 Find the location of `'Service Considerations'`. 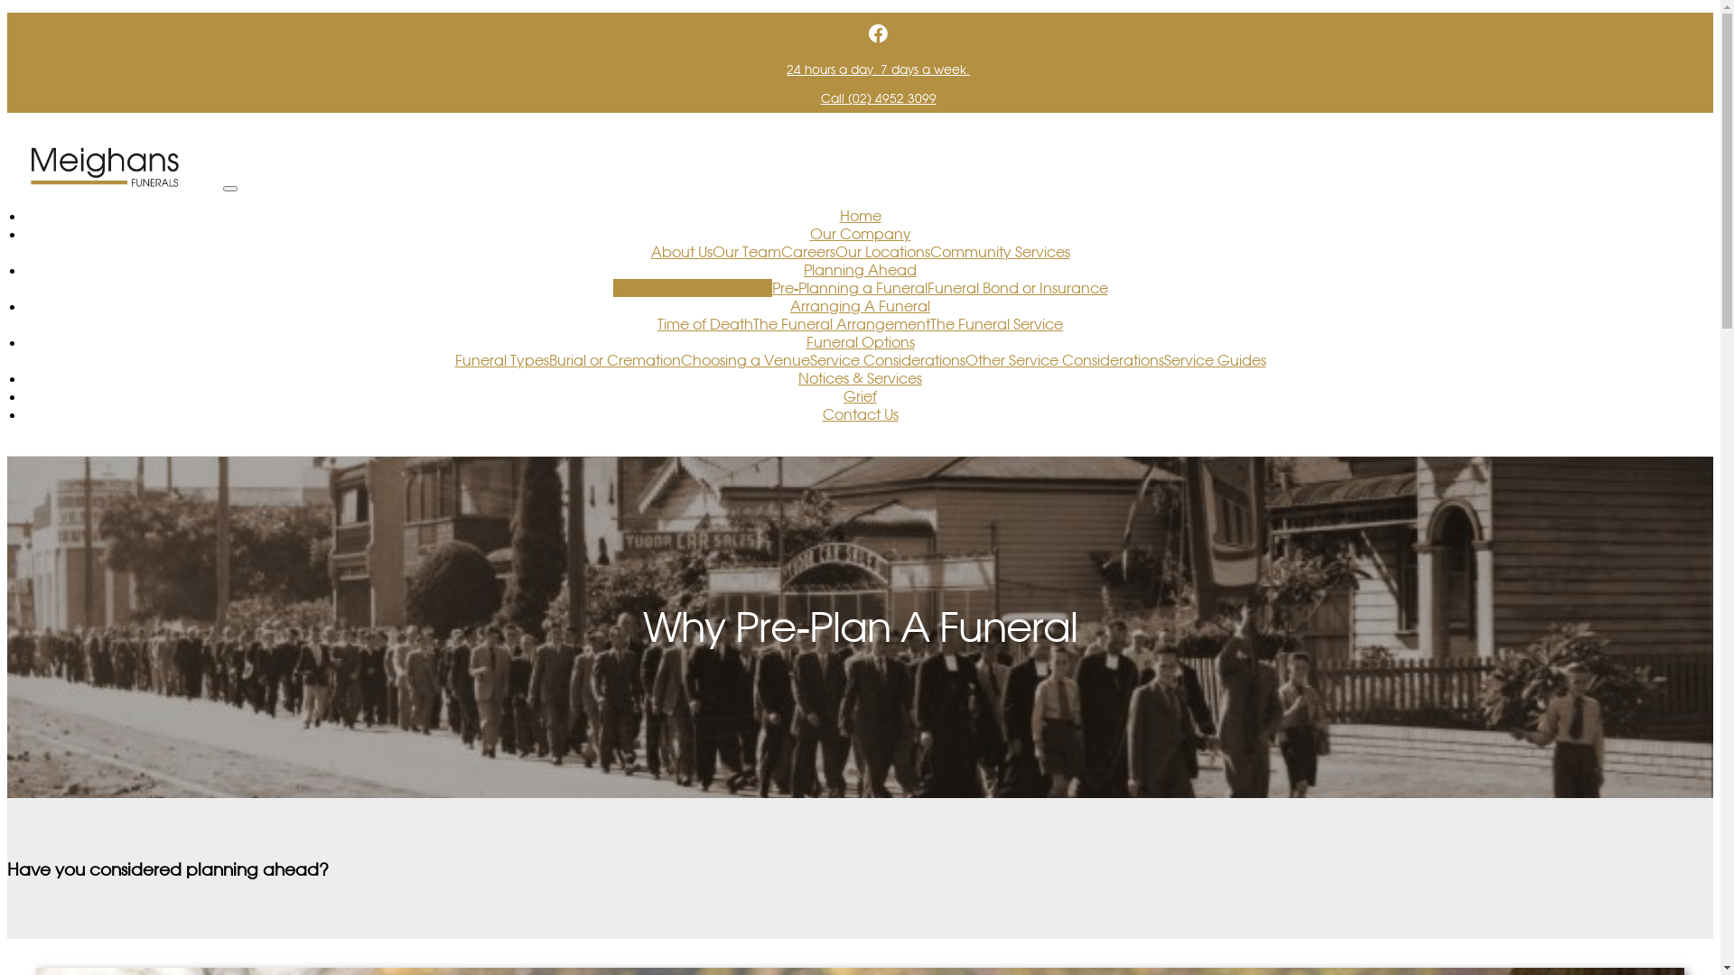

'Service Considerations' is located at coordinates (808, 359).